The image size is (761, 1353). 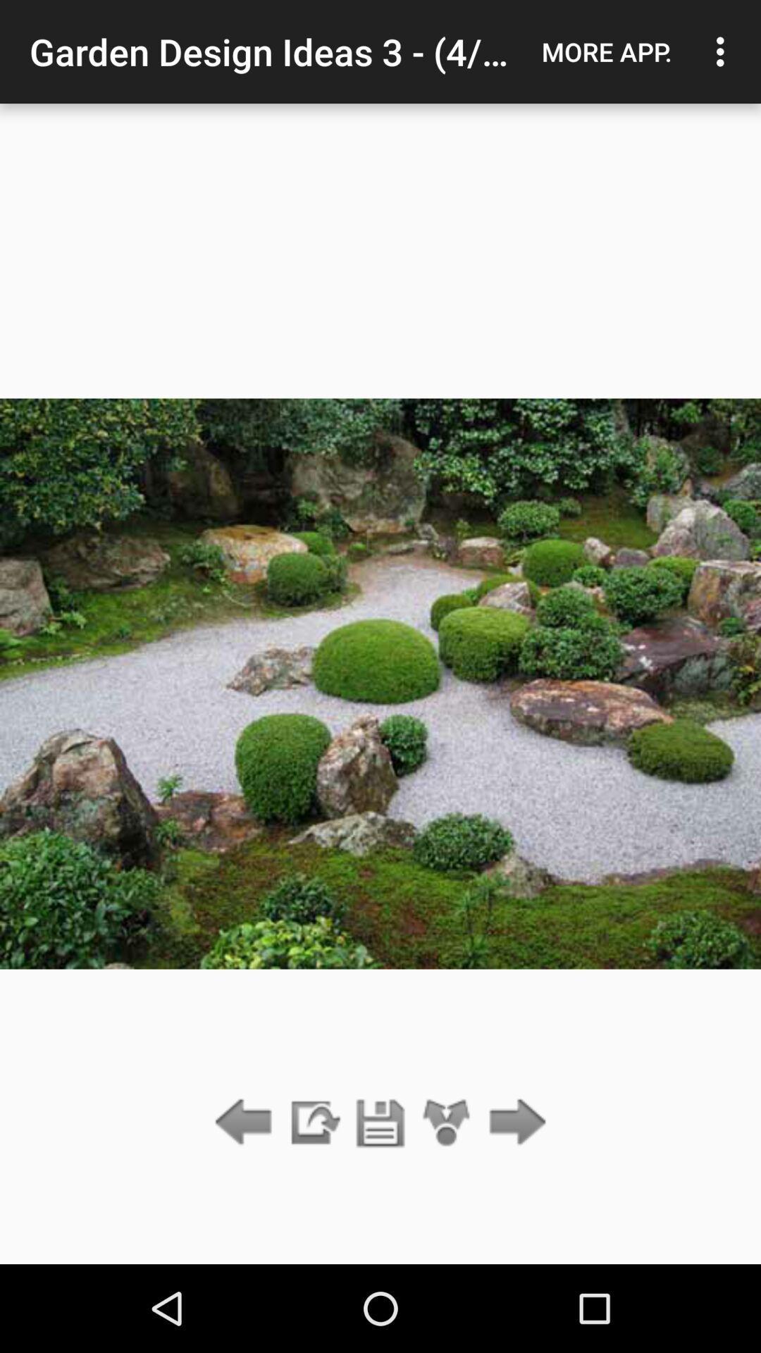 I want to click on the arrow_backward icon, so click(x=247, y=1123).